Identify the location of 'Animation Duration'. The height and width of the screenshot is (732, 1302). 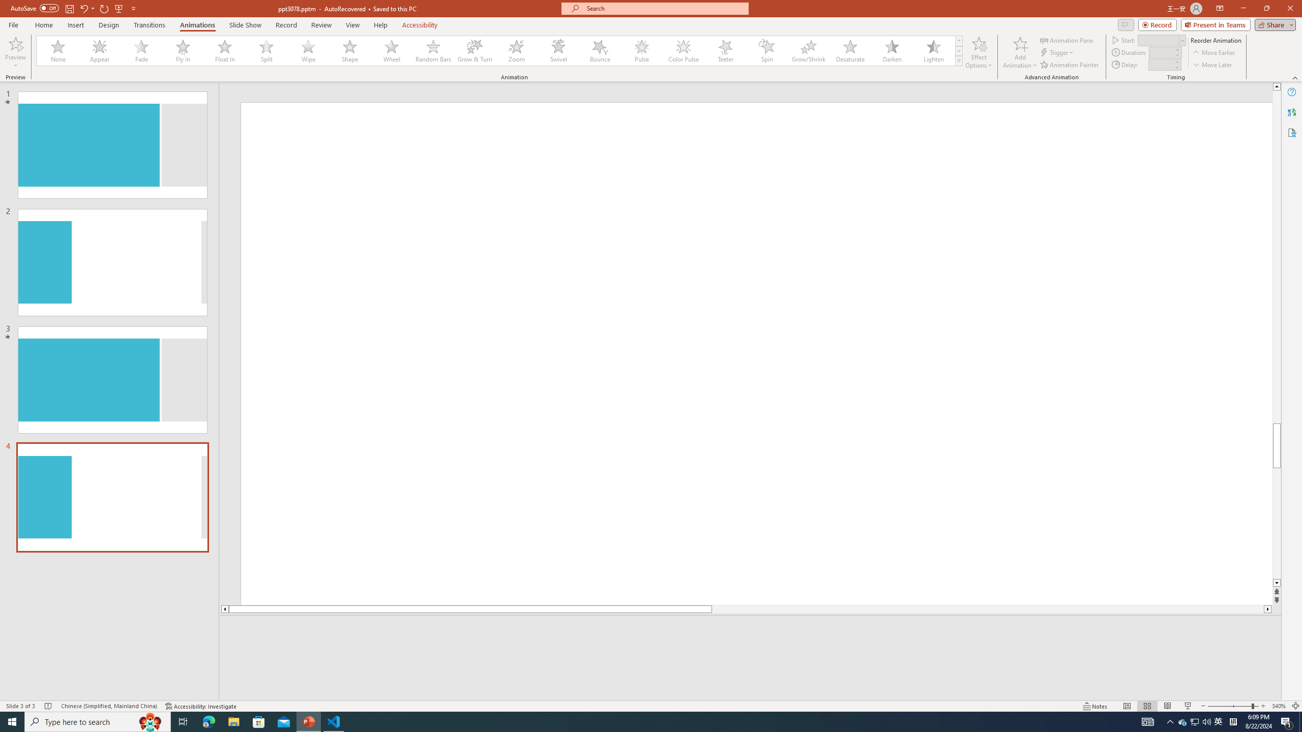
(1161, 52).